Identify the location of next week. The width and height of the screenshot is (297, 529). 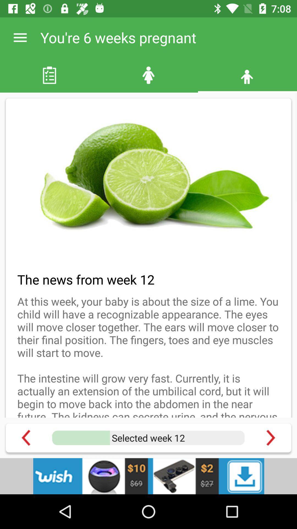
(270, 438).